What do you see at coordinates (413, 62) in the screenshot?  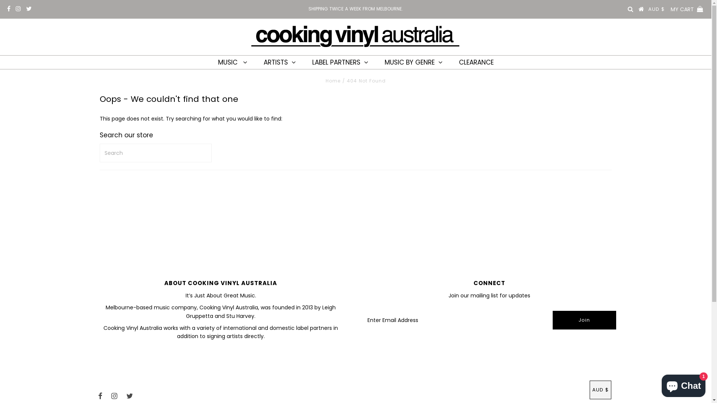 I see `'MUSIC BY GENRE'` at bounding box center [413, 62].